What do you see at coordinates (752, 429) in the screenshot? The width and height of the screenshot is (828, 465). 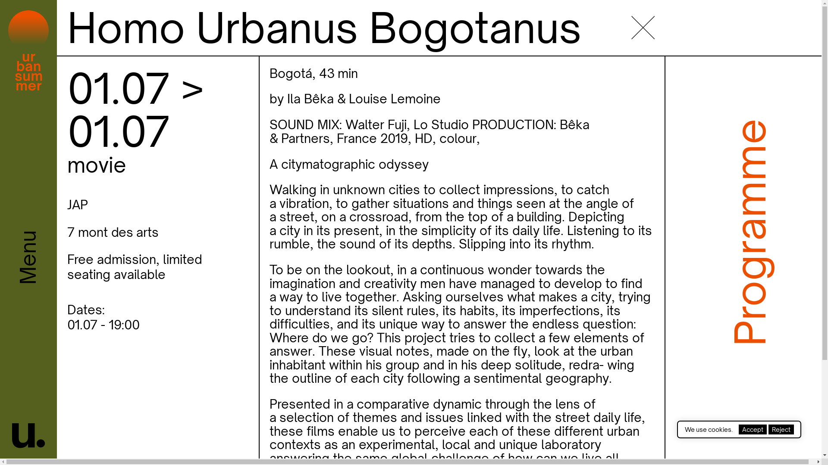 I see `'Accept'` at bounding box center [752, 429].